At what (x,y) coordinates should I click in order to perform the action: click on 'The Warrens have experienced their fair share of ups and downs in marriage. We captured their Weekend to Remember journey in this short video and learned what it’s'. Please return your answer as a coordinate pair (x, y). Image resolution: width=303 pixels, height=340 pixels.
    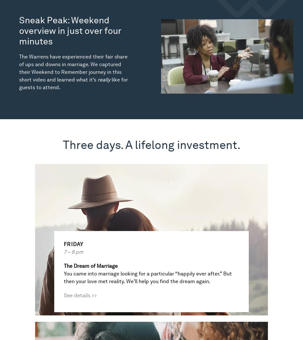
    Looking at the image, I should click on (73, 68).